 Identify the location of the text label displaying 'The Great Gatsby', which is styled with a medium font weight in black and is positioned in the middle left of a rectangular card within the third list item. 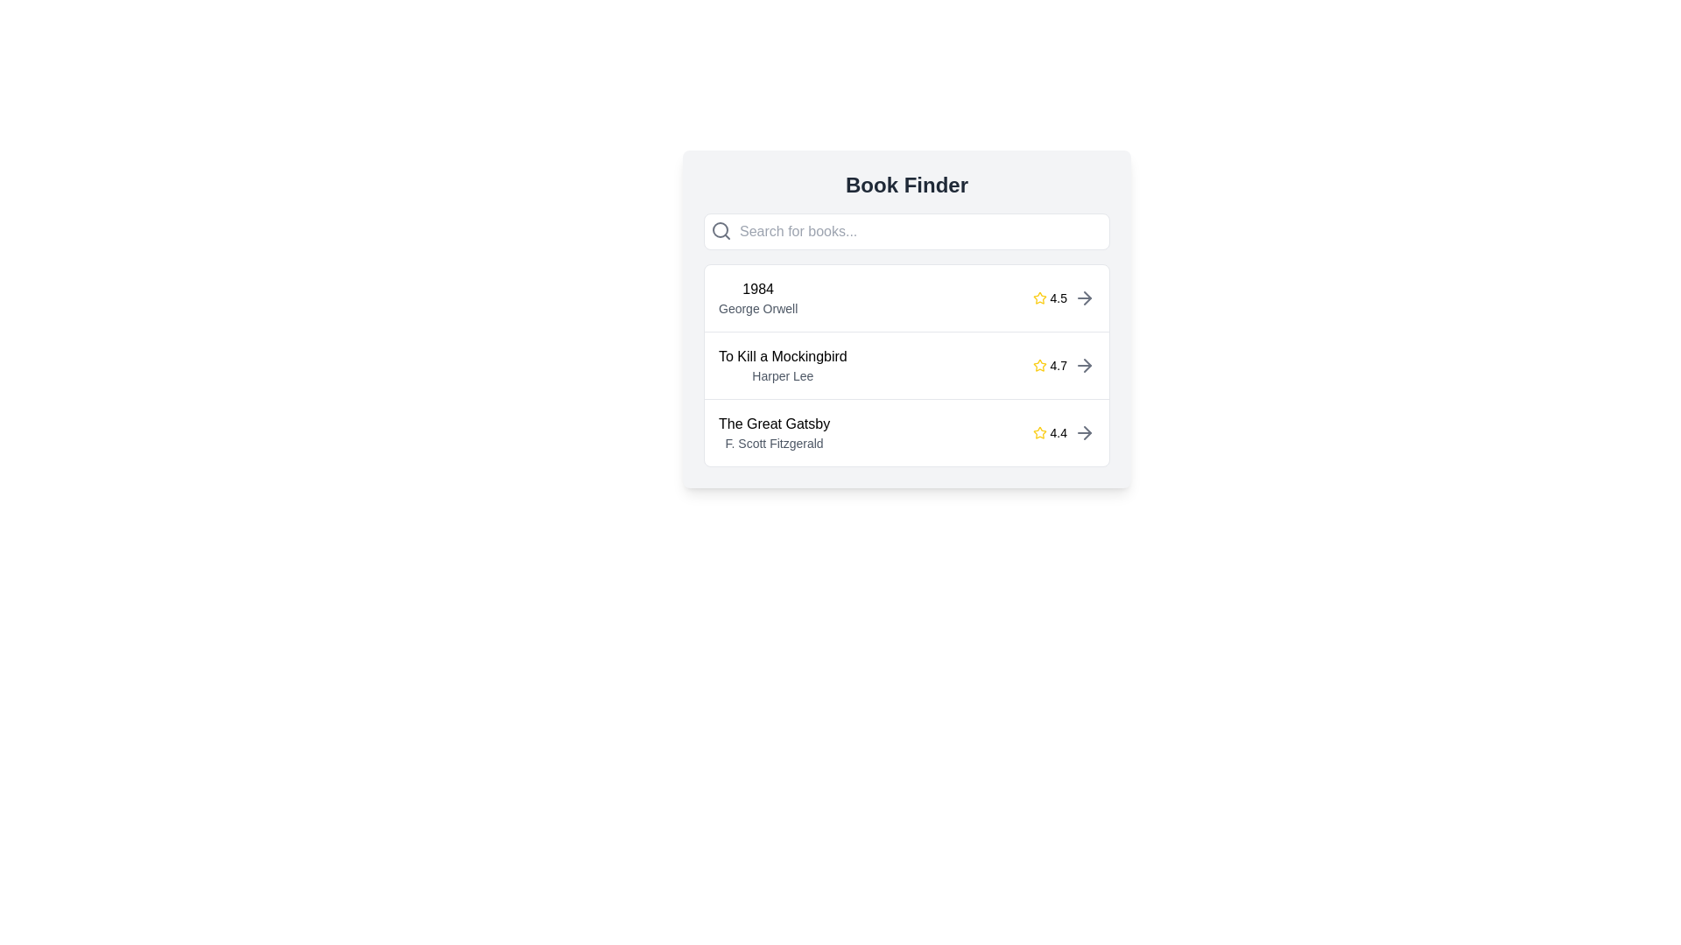
(773, 424).